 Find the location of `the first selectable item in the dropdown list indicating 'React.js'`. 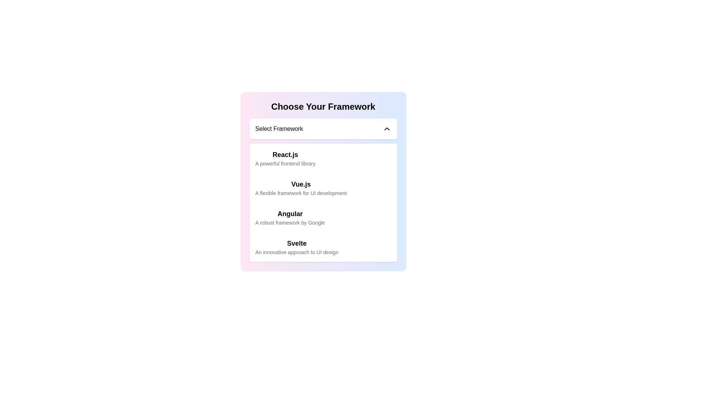

the first selectable item in the dropdown list indicating 'React.js' is located at coordinates (323, 158).